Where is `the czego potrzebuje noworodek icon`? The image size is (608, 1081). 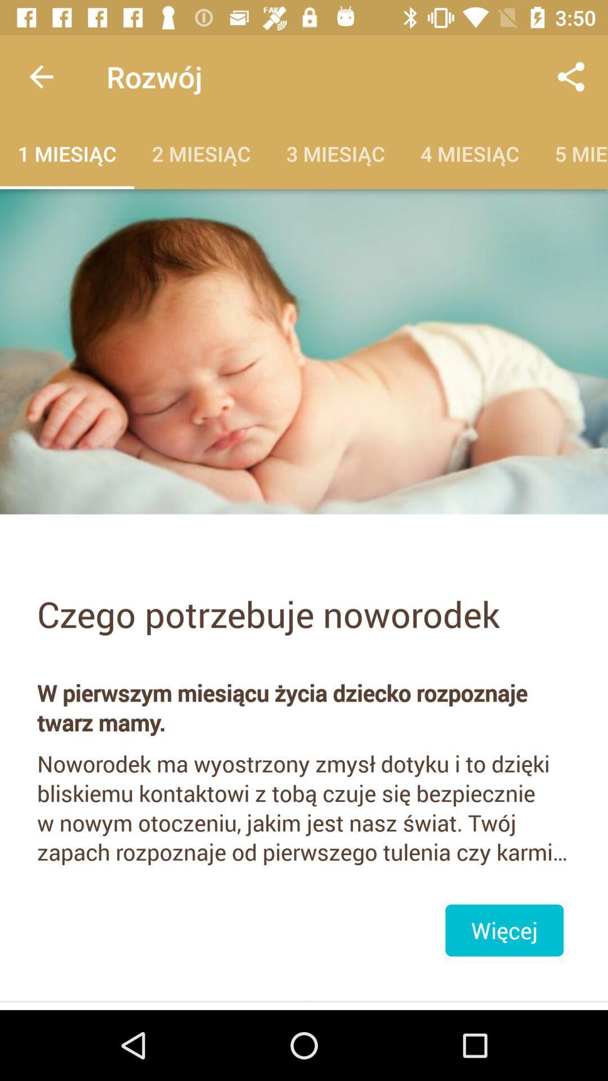 the czego potrzebuje noworodek icon is located at coordinates (304, 613).